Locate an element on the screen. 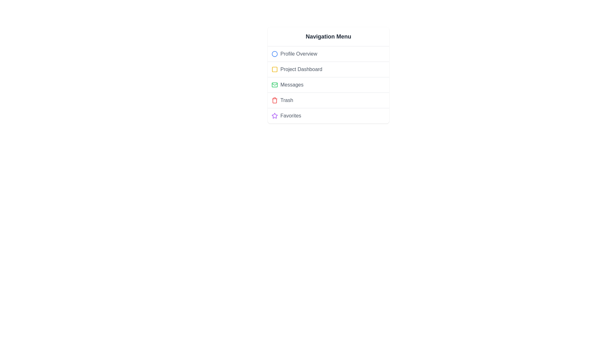 This screenshot has width=607, height=341. the menu item Trash to view its hover effect is located at coordinates (328, 100).